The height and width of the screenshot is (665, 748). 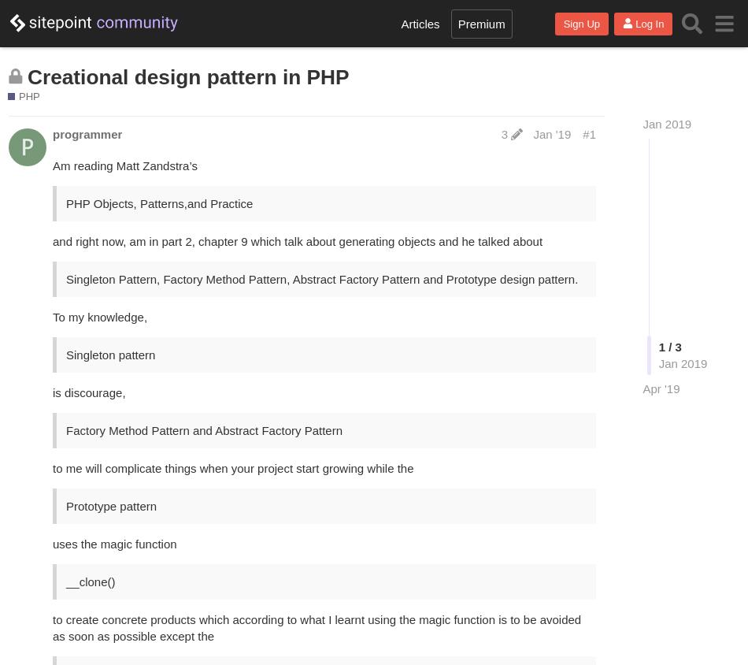 What do you see at coordinates (316, 627) in the screenshot?
I see `'to create concrete products which according to what I learnt using the magic function is to be avoided as soon as possible except the'` at bounding box center [316, 627].